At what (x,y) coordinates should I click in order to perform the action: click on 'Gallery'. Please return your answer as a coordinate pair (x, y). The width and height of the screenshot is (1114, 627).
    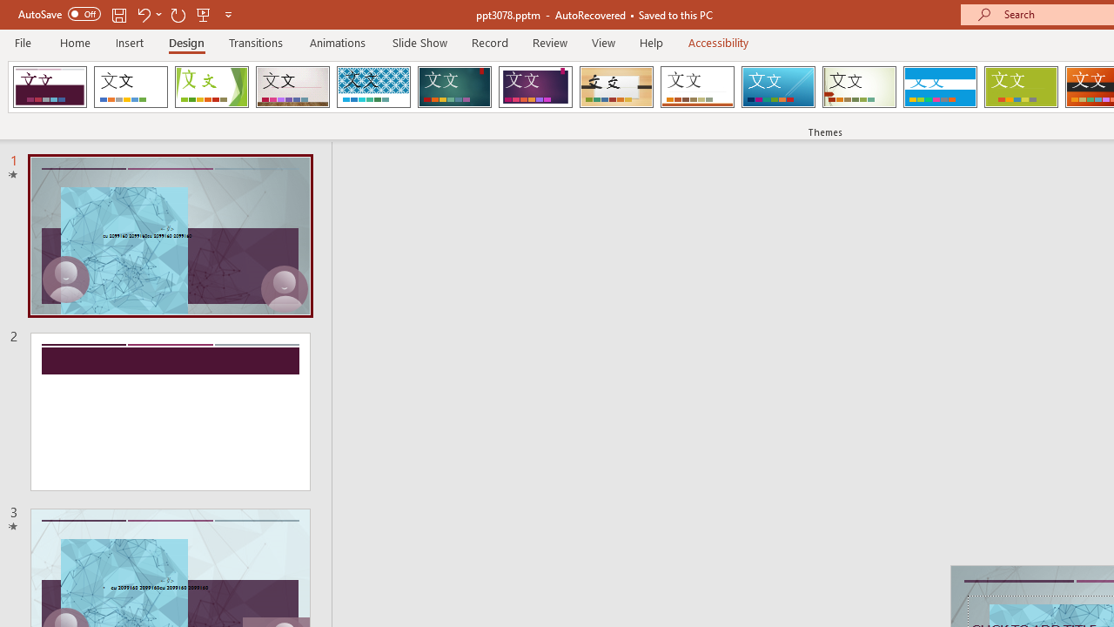
    Looking at the image, I should click on (292, 87).